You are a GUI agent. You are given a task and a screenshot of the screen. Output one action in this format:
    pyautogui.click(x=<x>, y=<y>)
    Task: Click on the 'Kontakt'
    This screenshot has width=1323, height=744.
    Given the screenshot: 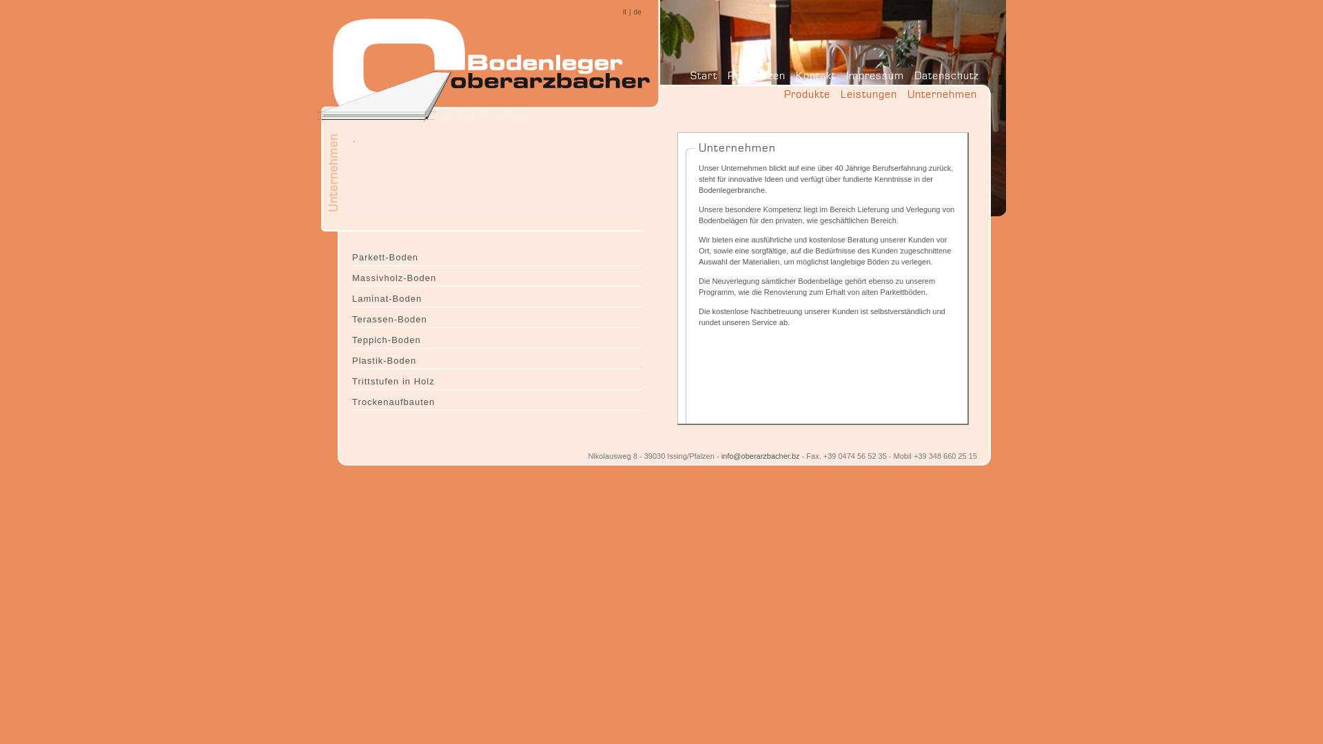 What is the action you would take?
    pyautogui.click(x=816, y=75)
    